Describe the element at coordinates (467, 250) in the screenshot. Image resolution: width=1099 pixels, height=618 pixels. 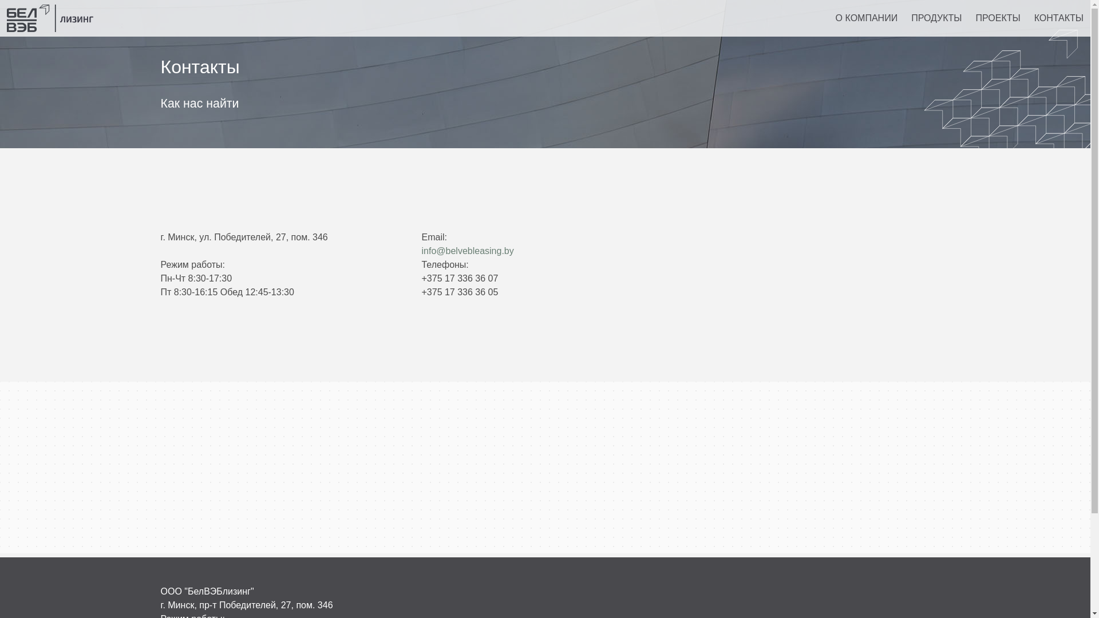
I see `'info@belvebleasing.by'` at that location.